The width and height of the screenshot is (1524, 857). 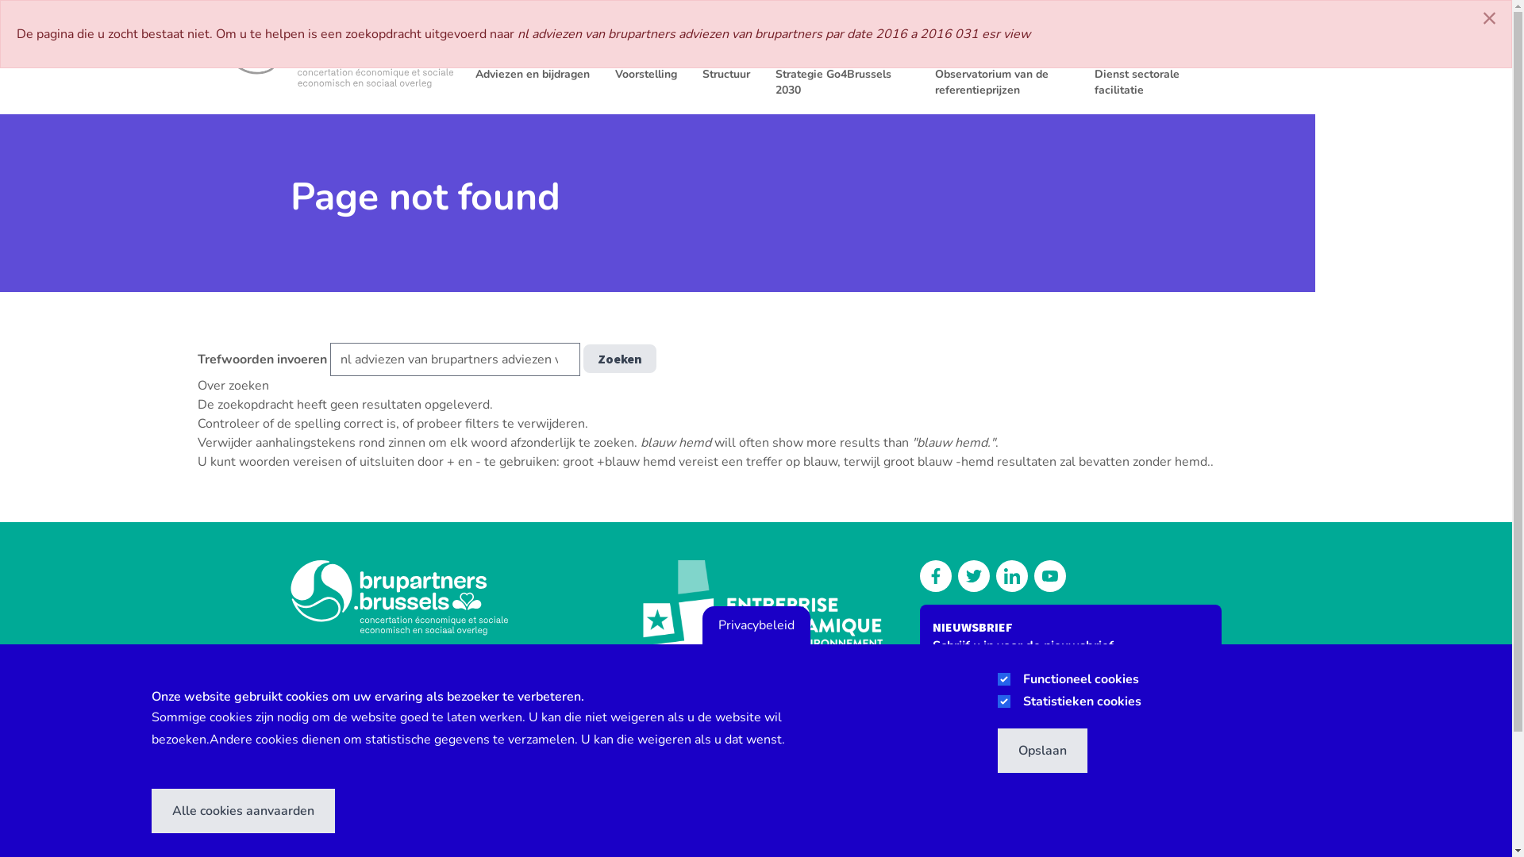 I want to click on 'Observatorium van de referentieprijzen', so click(x=934, y=80).